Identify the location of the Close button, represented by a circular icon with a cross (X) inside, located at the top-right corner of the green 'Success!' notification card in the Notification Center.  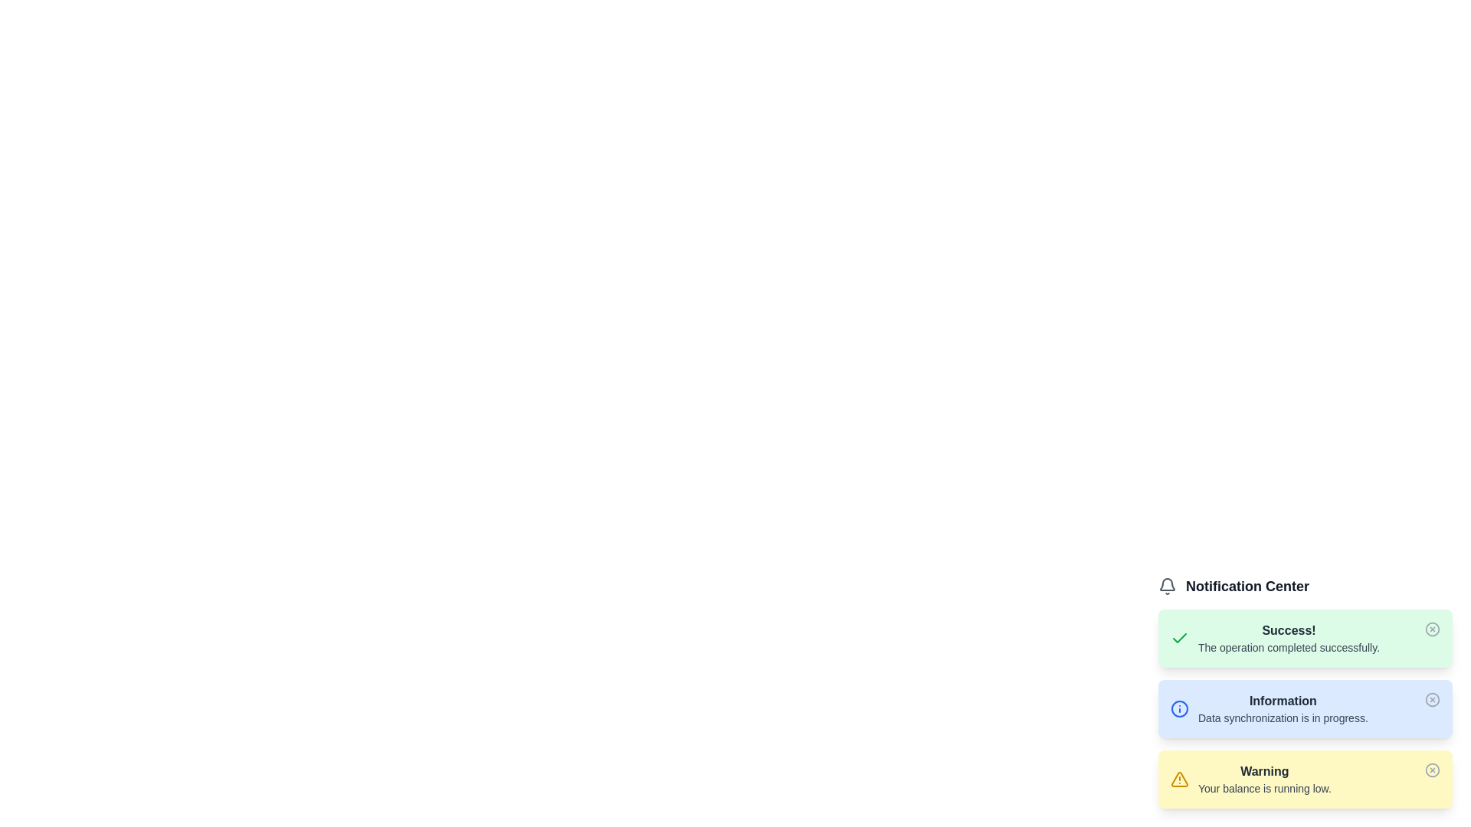
(1432, 629).